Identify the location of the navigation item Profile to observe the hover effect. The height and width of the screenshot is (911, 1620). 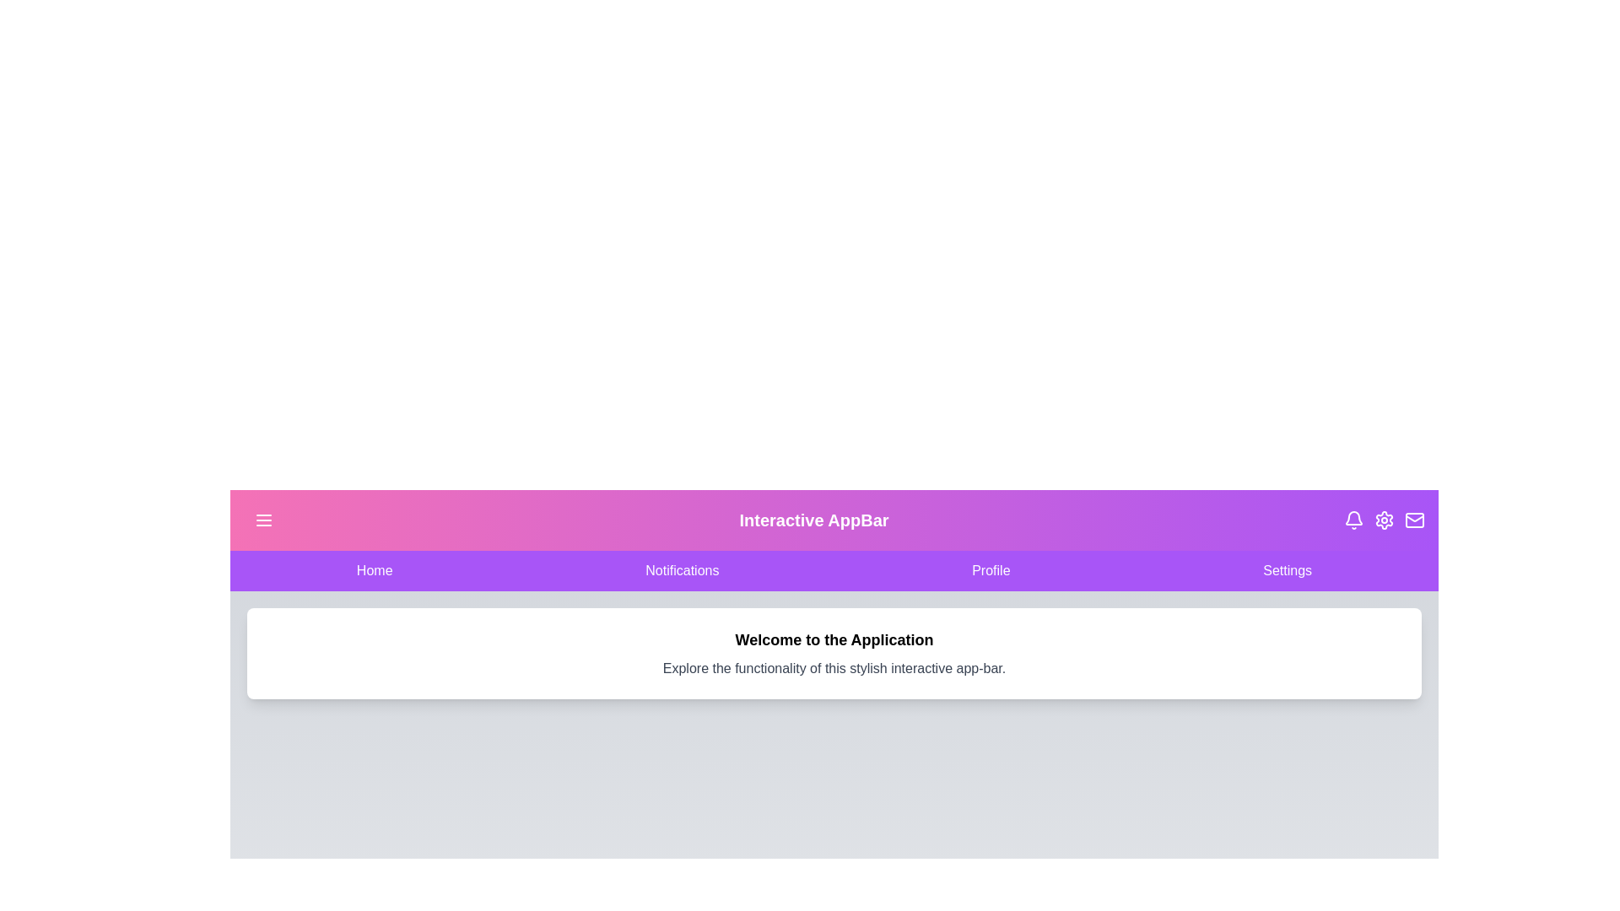
(991, 570).